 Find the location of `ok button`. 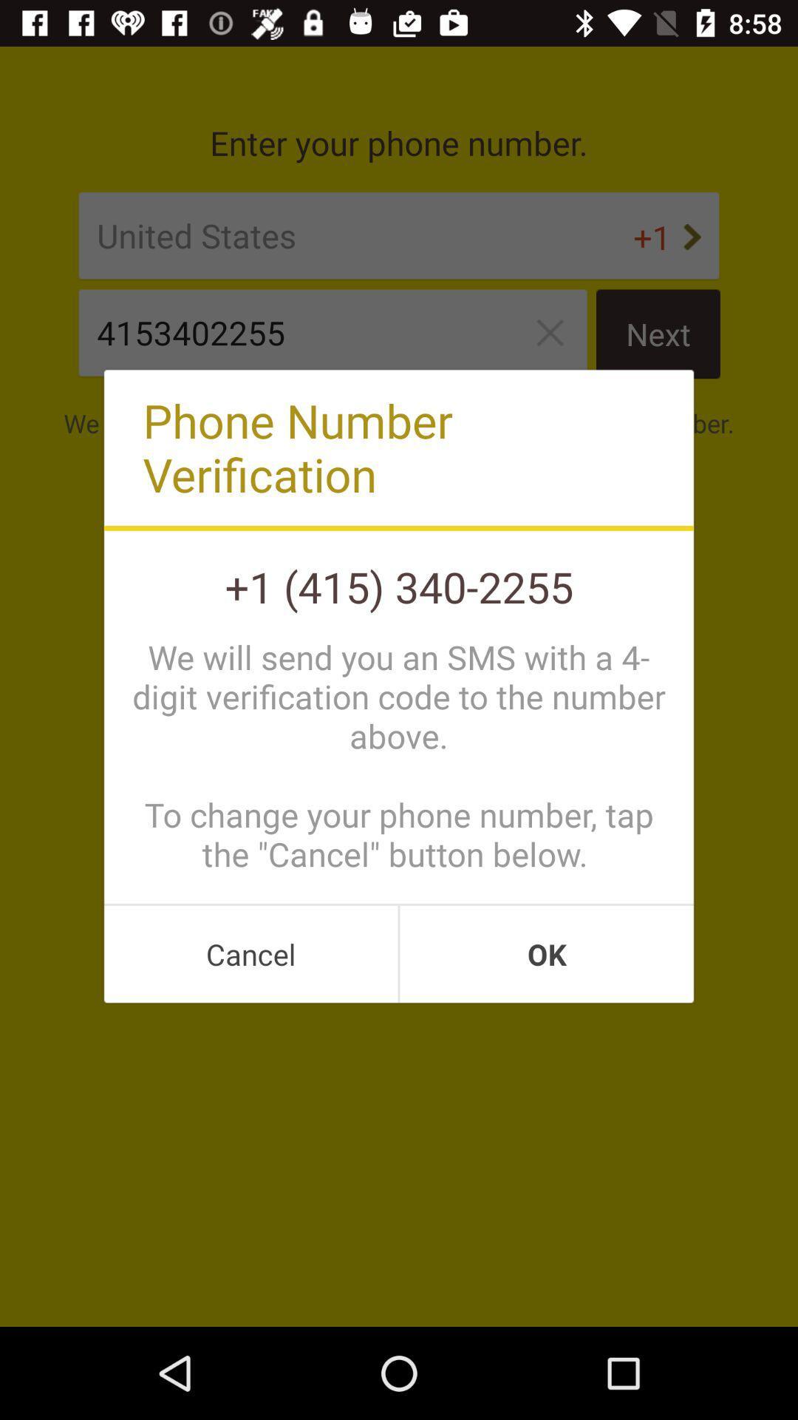

ok button is located at coordinates (547, 954).